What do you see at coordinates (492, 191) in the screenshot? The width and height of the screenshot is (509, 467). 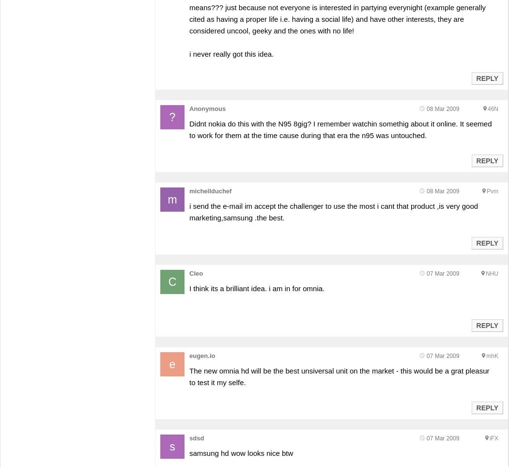 I see `'Pvm'` at bounding box center [492, 191].